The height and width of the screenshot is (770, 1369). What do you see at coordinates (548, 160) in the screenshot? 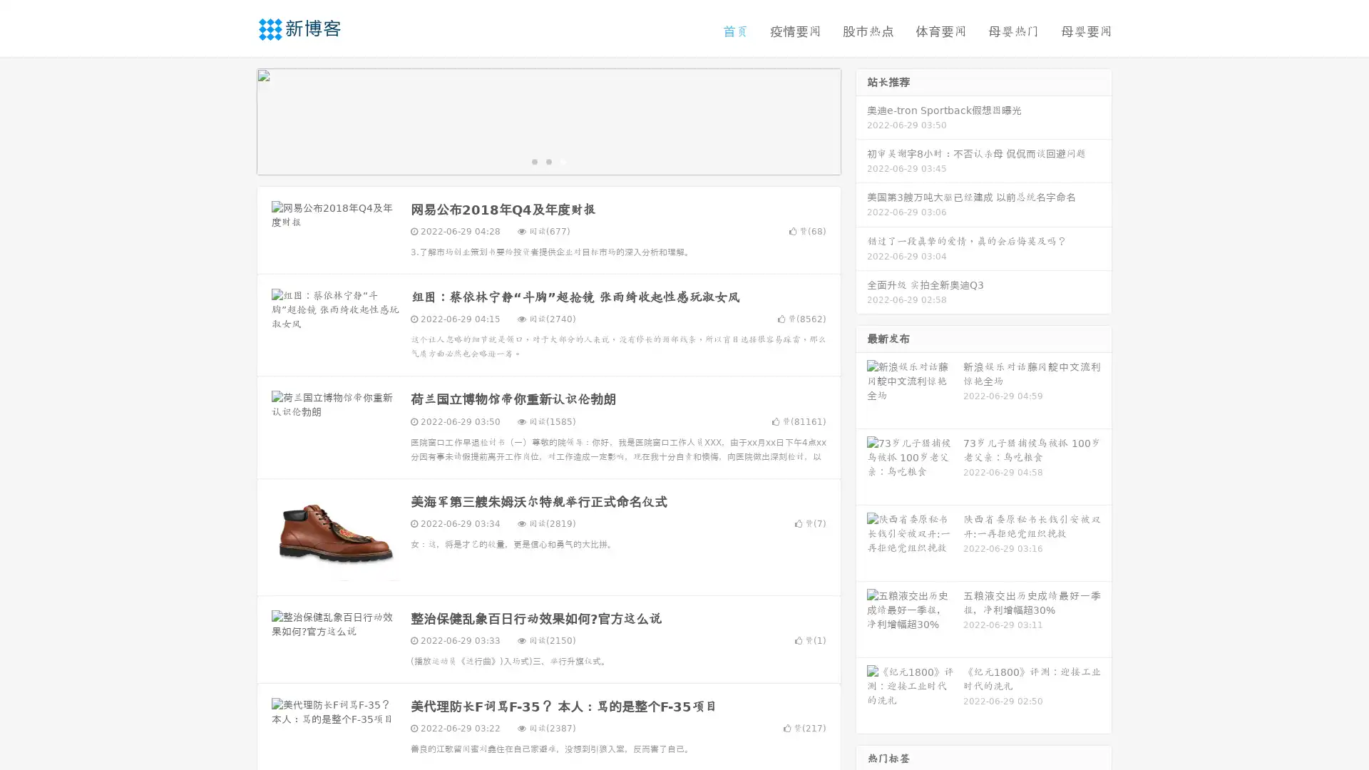
I see `Go to slide 2` at bounding box center [548, 160].